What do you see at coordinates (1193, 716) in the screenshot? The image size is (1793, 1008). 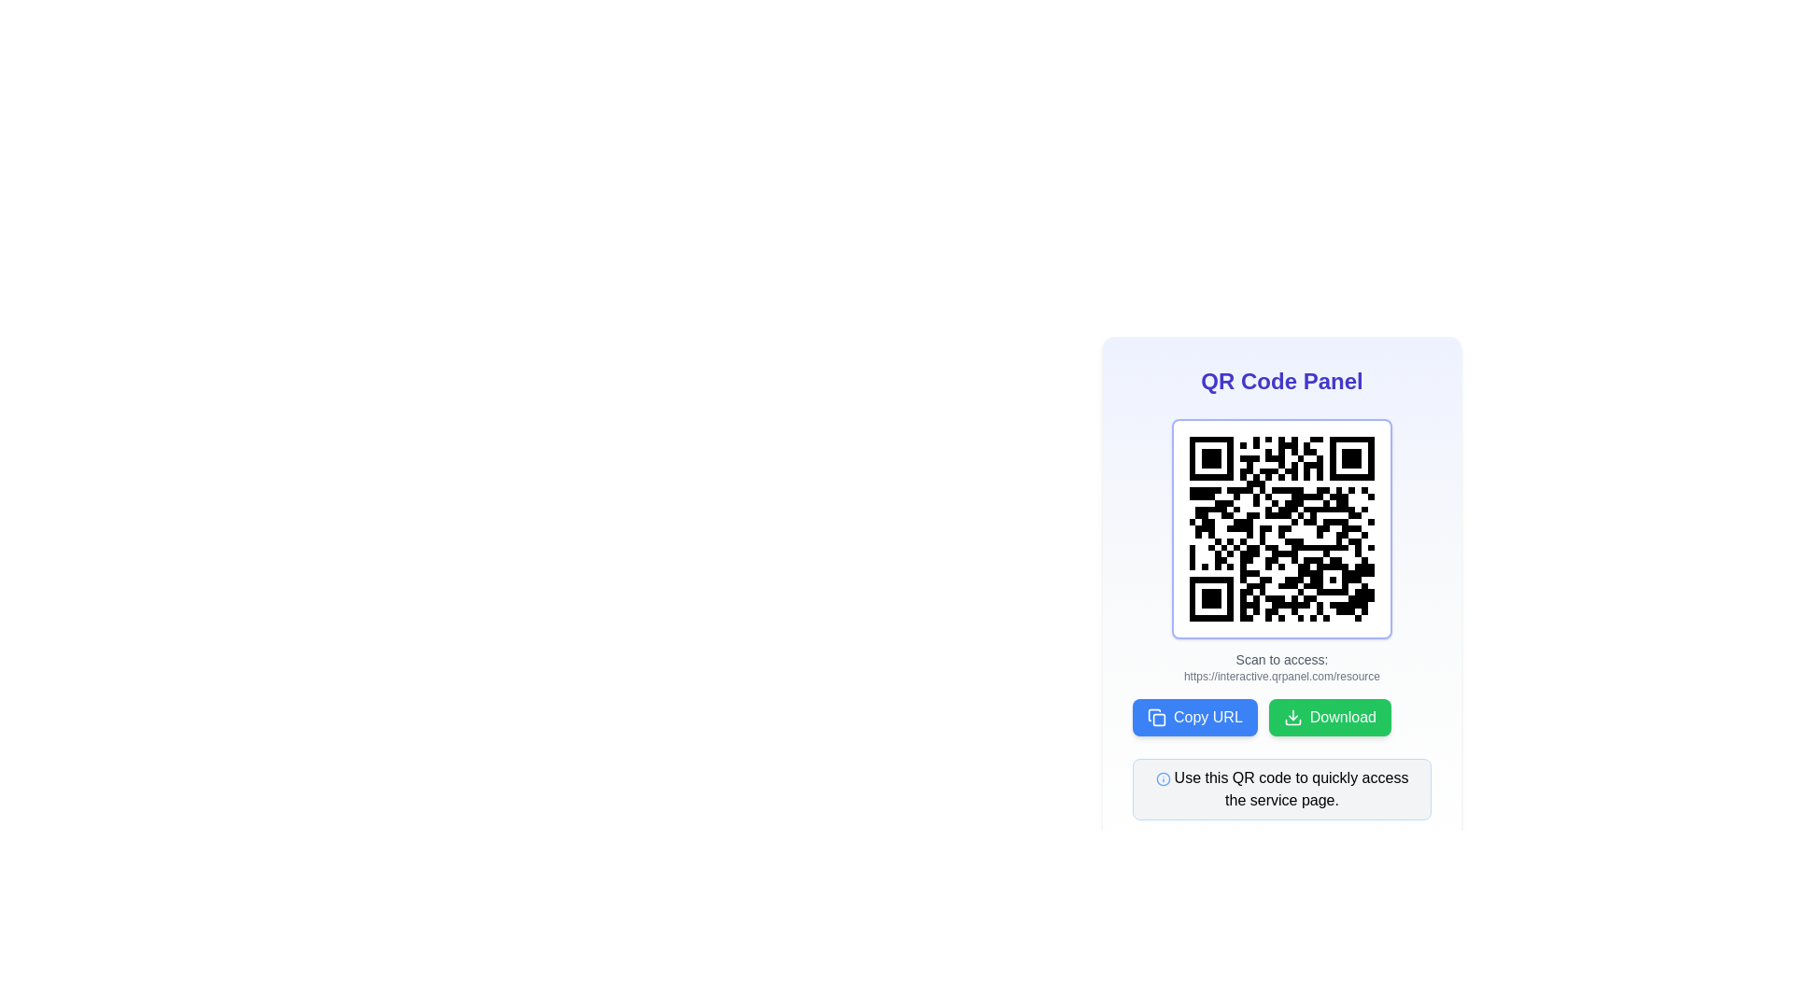 I see `the 'Copy URL' button, which is a rectangular button with a blue background and rounded corners, located beneath the QR code and URL text` at bounding box center [1193, 716].